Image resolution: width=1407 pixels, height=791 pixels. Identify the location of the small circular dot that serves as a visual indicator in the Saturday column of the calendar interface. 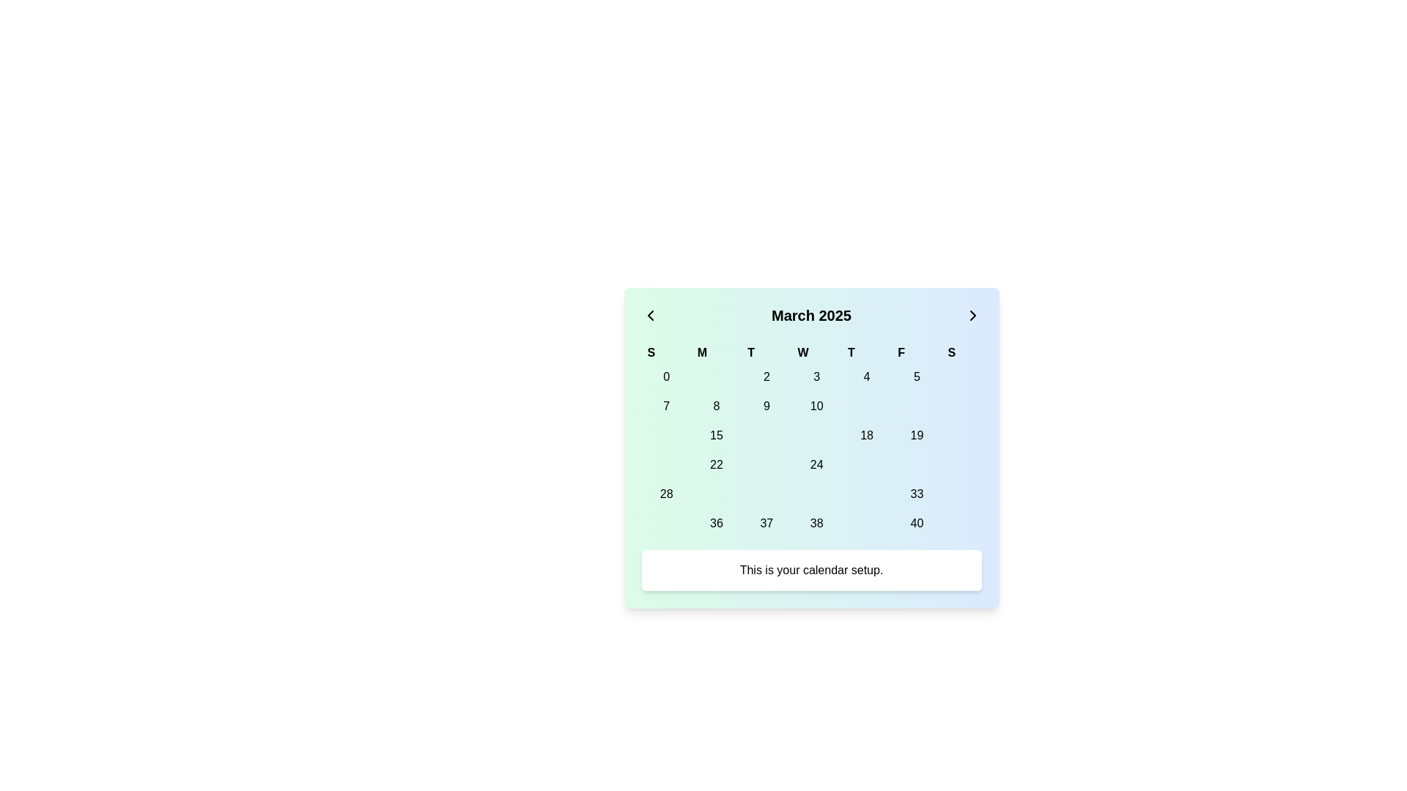
(961, 376).